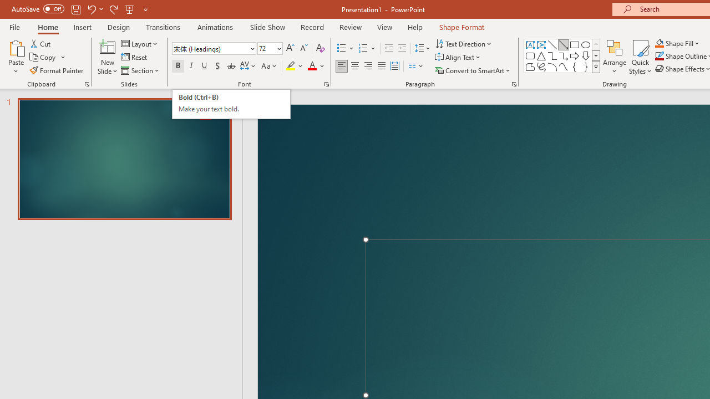 Image resolution: width=710 pixels, height=399 pixels. I want to click on 'Quick Styles', so click(640, 57).